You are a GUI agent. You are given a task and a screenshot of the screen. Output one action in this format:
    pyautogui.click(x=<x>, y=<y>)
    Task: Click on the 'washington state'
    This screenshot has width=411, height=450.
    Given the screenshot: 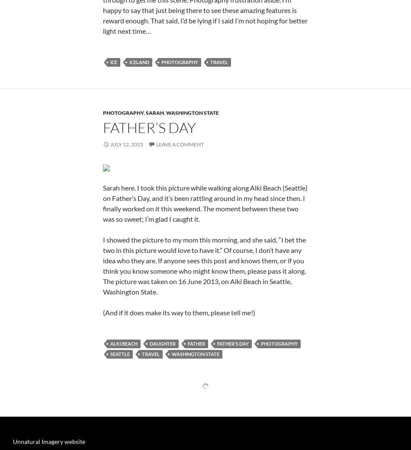 What is the action you would take?
    pyautogui.click(x=192, y=217)
    